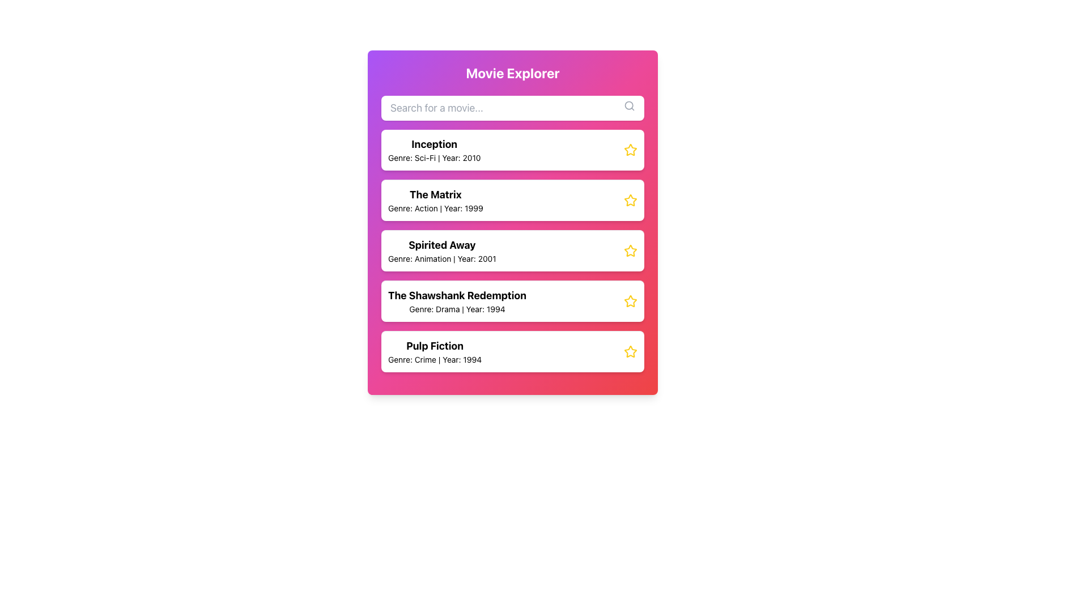  Describe the element at coordinates (630, 199) in the screenshot. I see `the yellow-outlined star icon` at that location.